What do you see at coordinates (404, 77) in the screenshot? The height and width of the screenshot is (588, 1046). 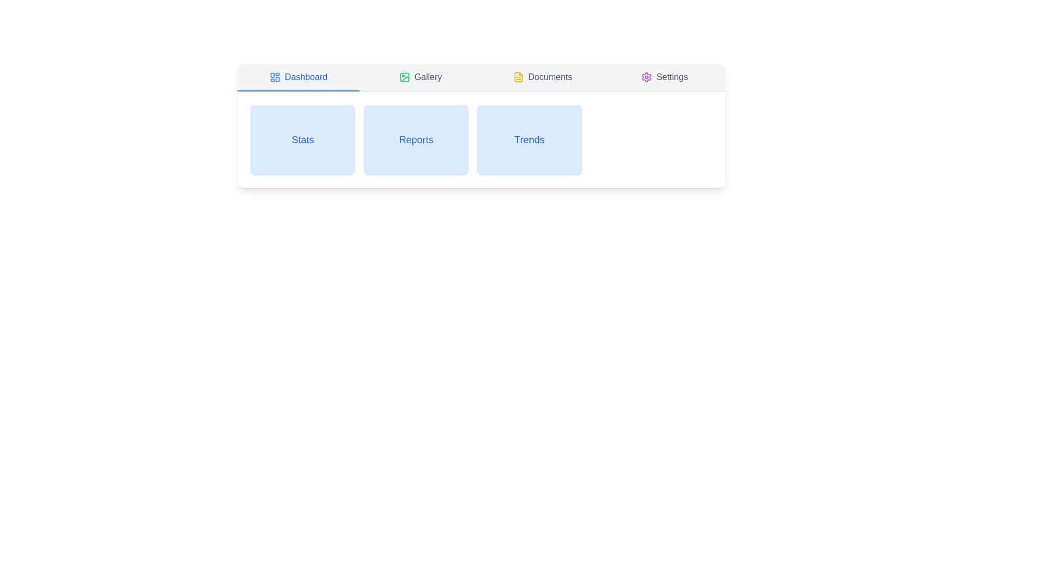 I see `the decorative SVG sub-element within the icon located to the left of the 'Gallery' menu text in the top navigation bar` at bounding box center [404, 77].